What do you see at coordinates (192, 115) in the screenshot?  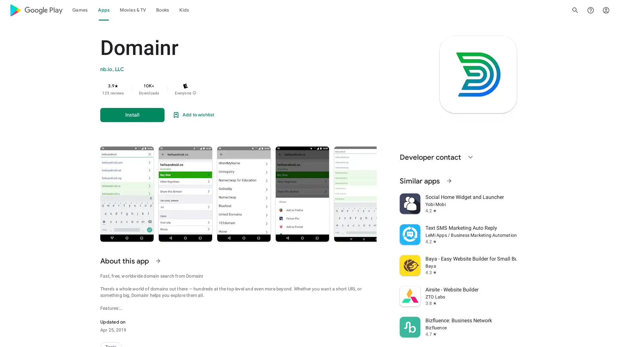 I see `Add to wishlist` at bounding box center [192, 115].